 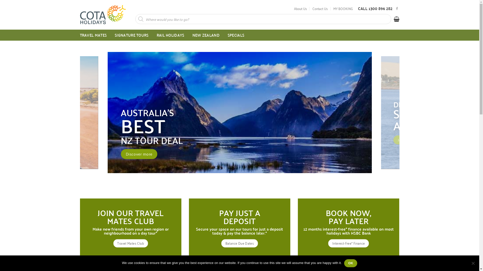 What do you see at coordinates (132, 35) in the screenshot?
I see `'SIGNATURE TOURS'` at bounding box center [132, 35].